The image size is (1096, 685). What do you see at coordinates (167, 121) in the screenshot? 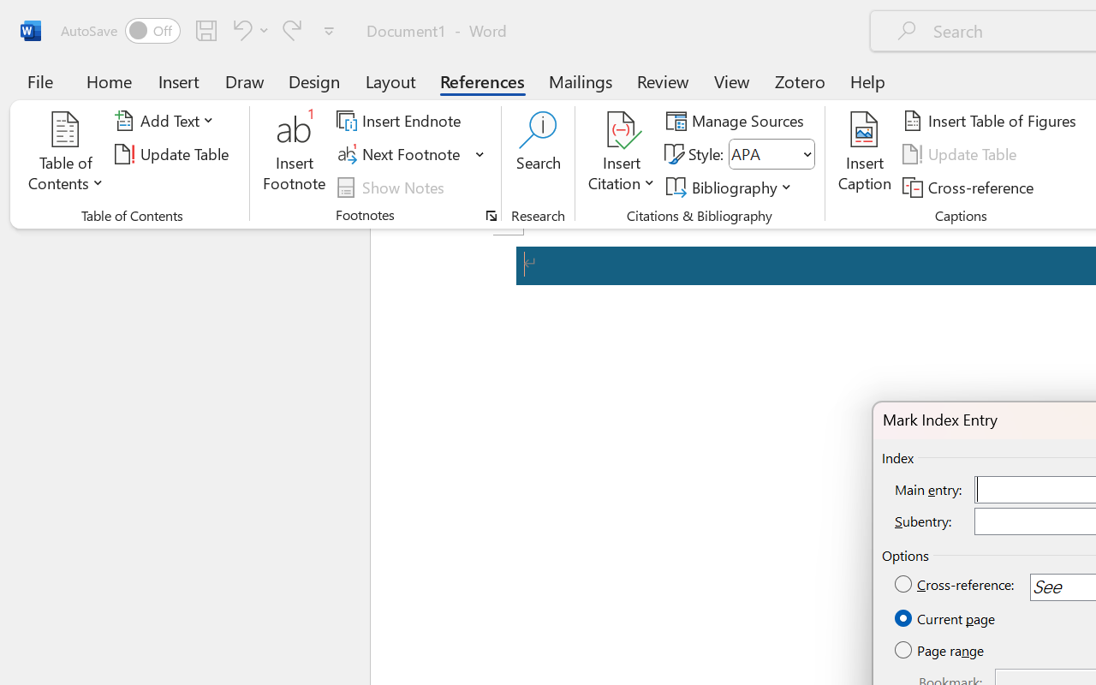
I see `'Add Text'` at bounding box center [167, 121].